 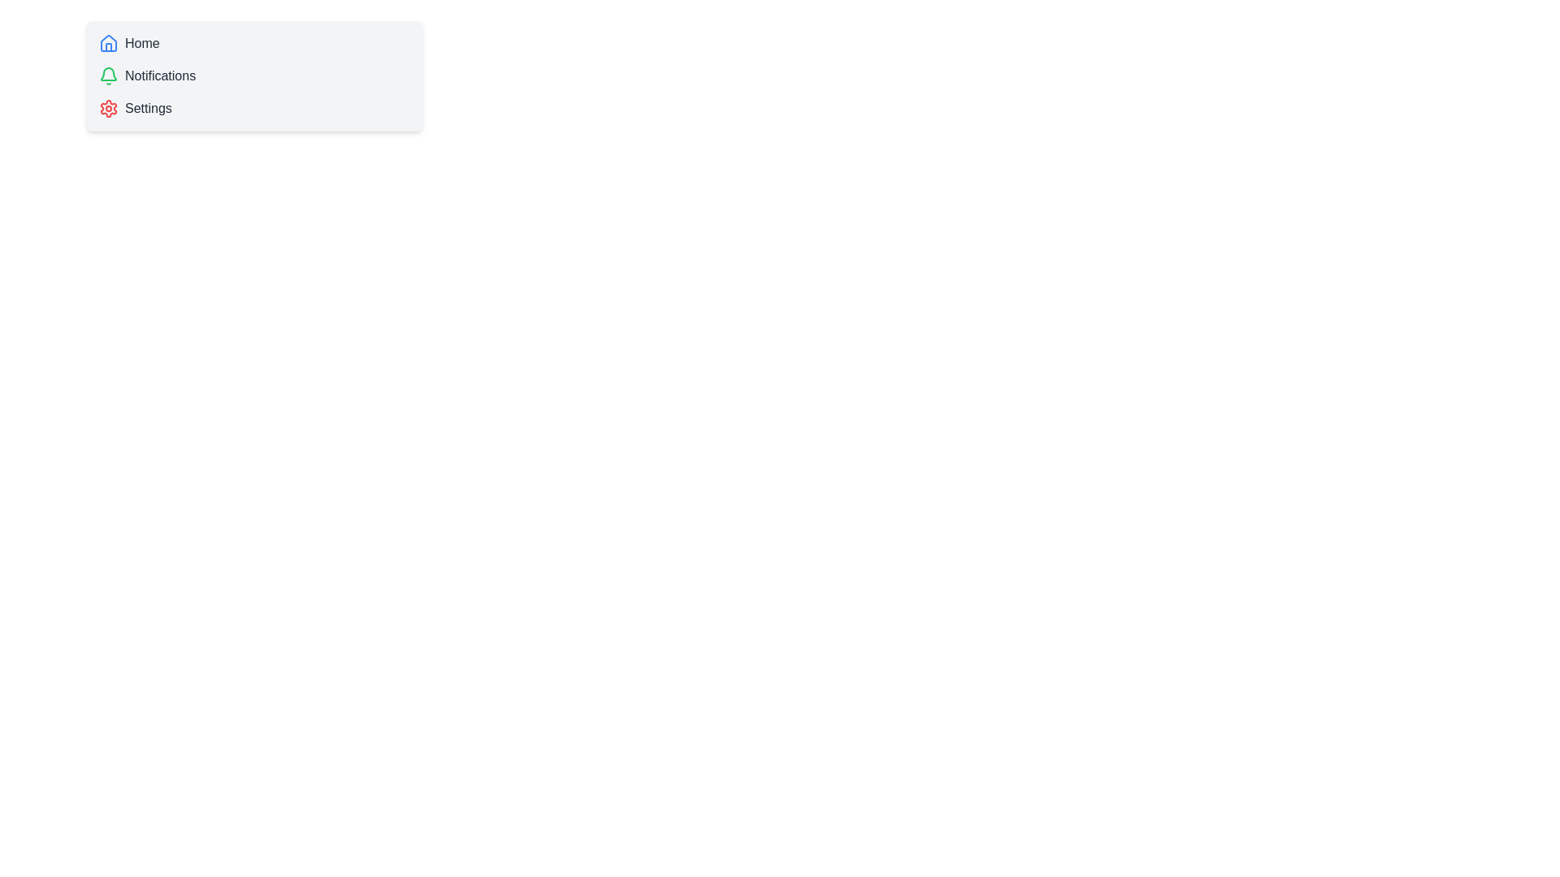 What do you see at coordinates (142, 43) in the screenshot?
I see `the text label that serves as a title for the home page navigation item, located to the right of the blue 'house' icon` at bounding box center [142, 43].